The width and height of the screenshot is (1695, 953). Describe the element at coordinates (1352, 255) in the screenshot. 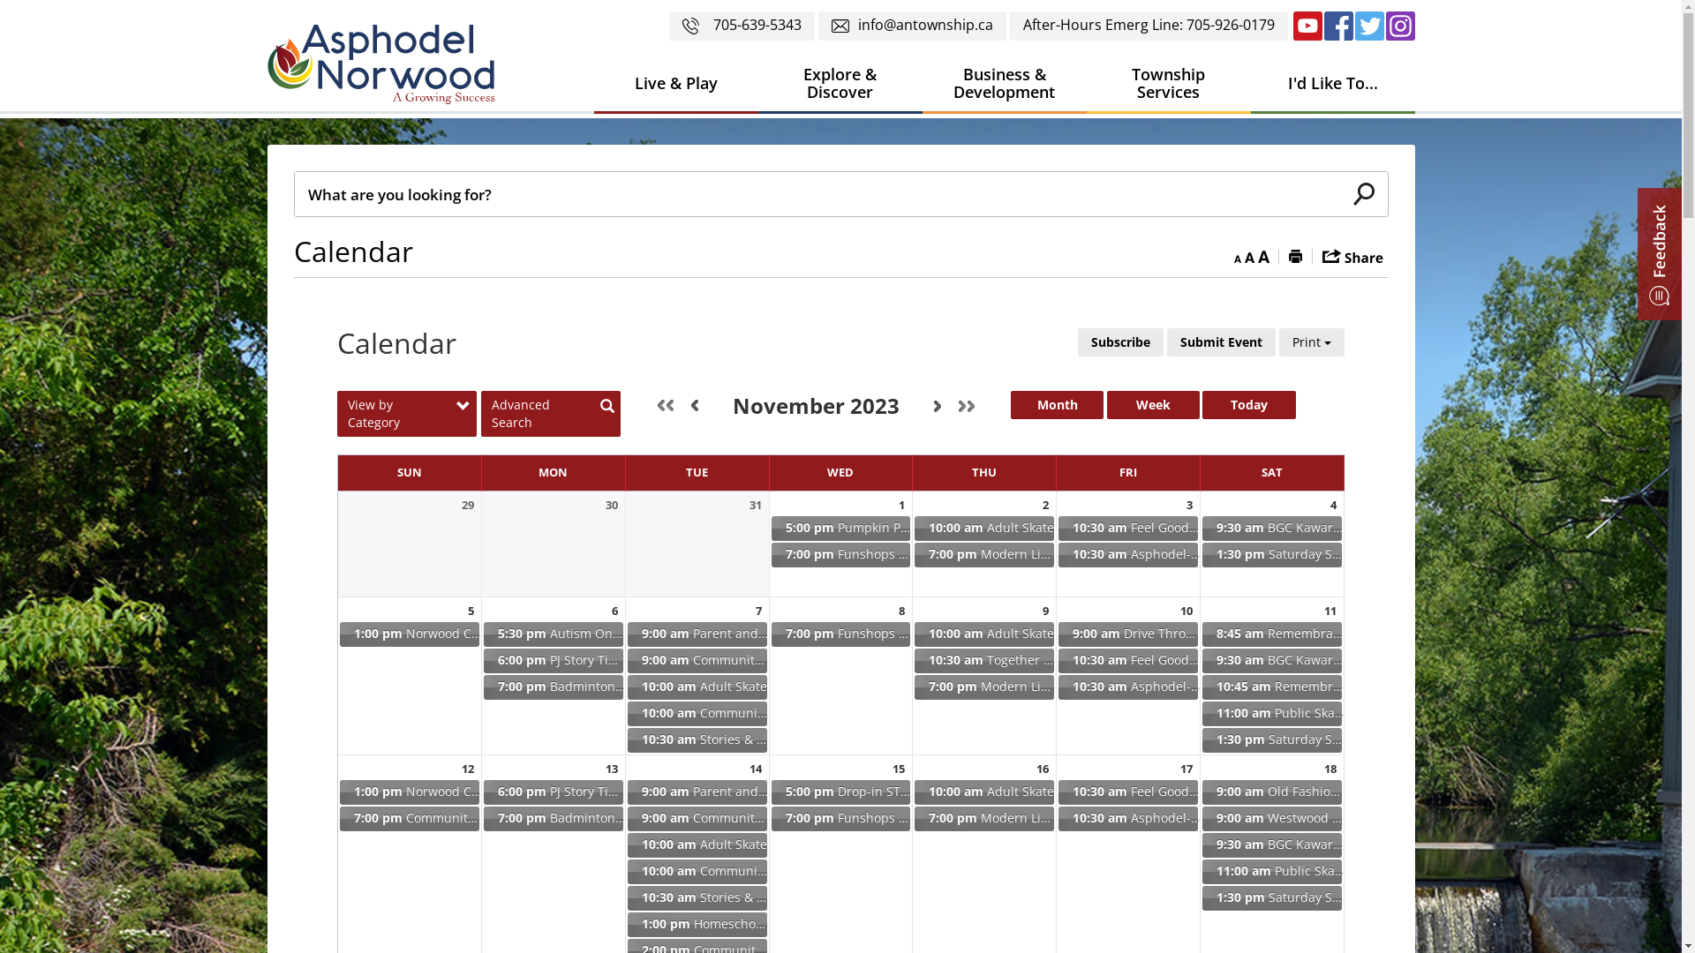

I see `'Share This Page'` at that location.